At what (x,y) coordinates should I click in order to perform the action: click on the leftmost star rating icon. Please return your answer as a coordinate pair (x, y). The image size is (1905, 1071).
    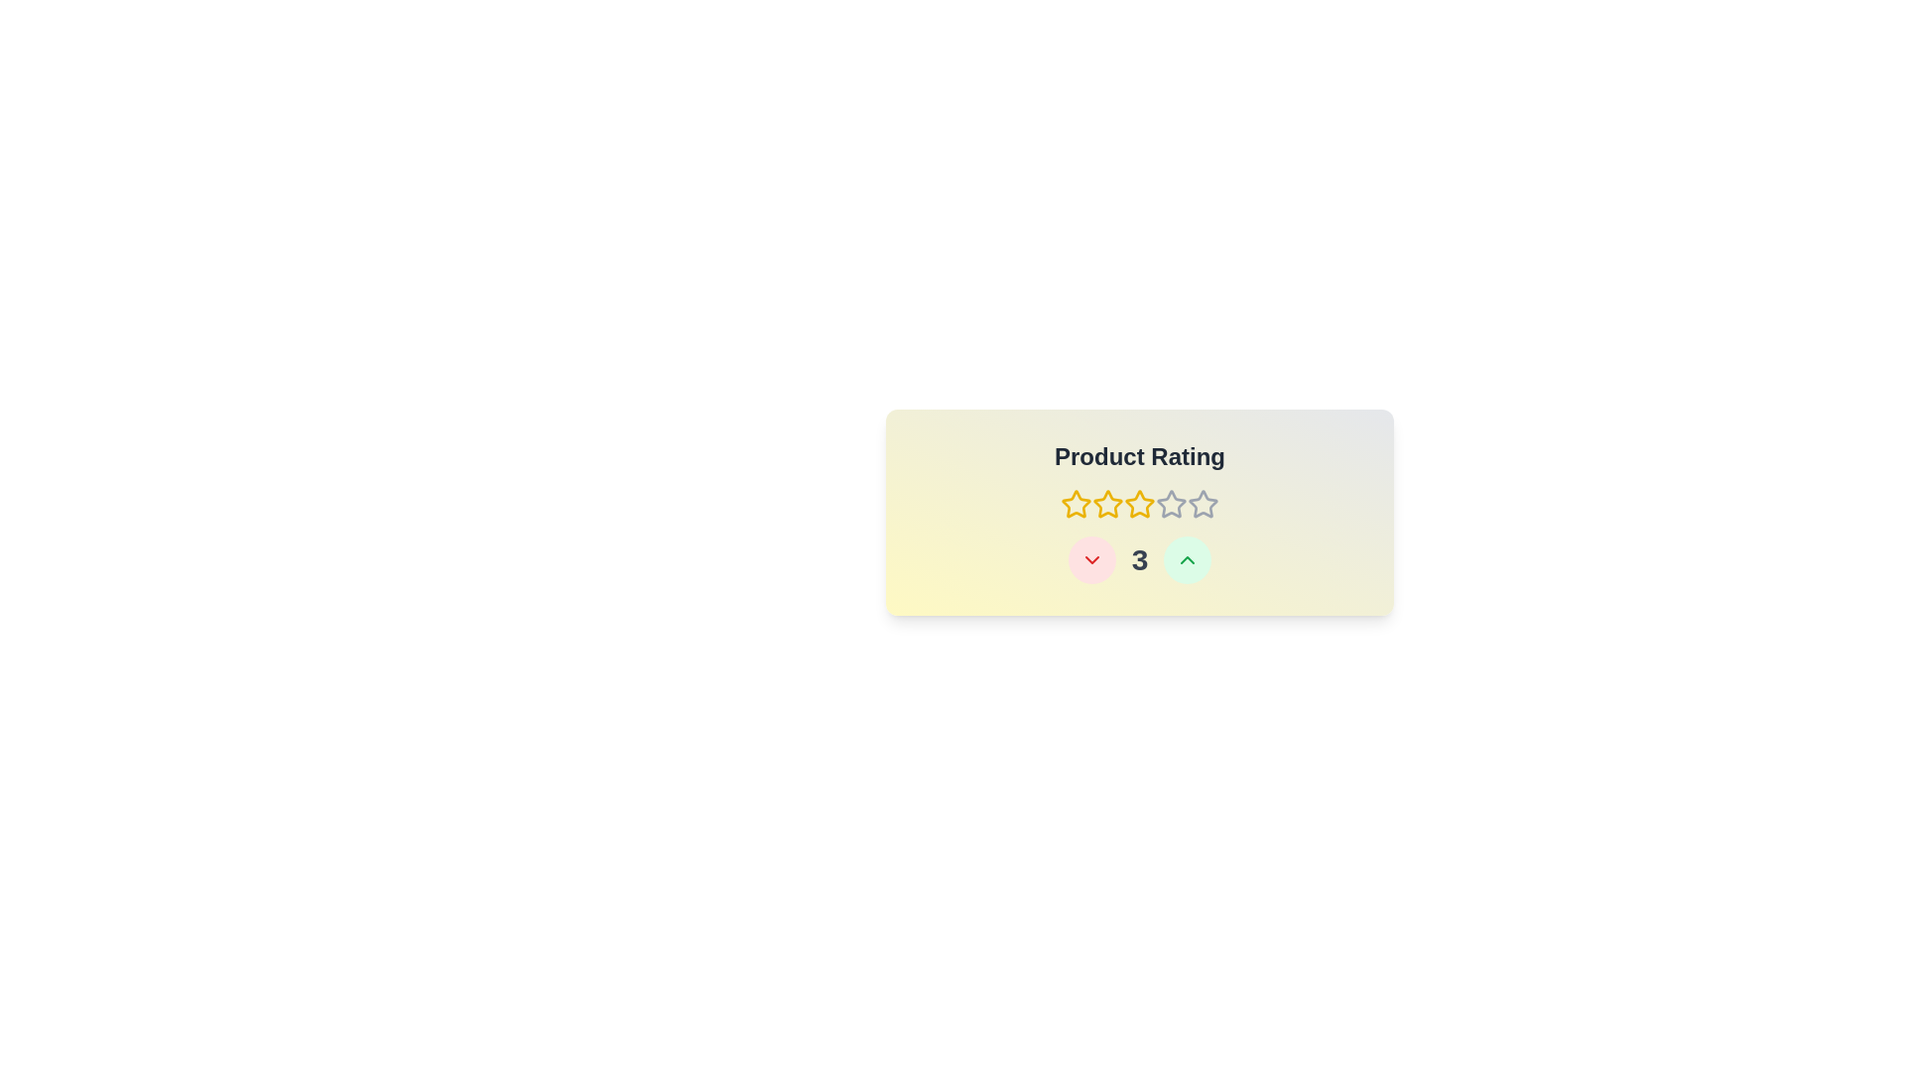
    Looking at the image, I should click on (1075, 504).